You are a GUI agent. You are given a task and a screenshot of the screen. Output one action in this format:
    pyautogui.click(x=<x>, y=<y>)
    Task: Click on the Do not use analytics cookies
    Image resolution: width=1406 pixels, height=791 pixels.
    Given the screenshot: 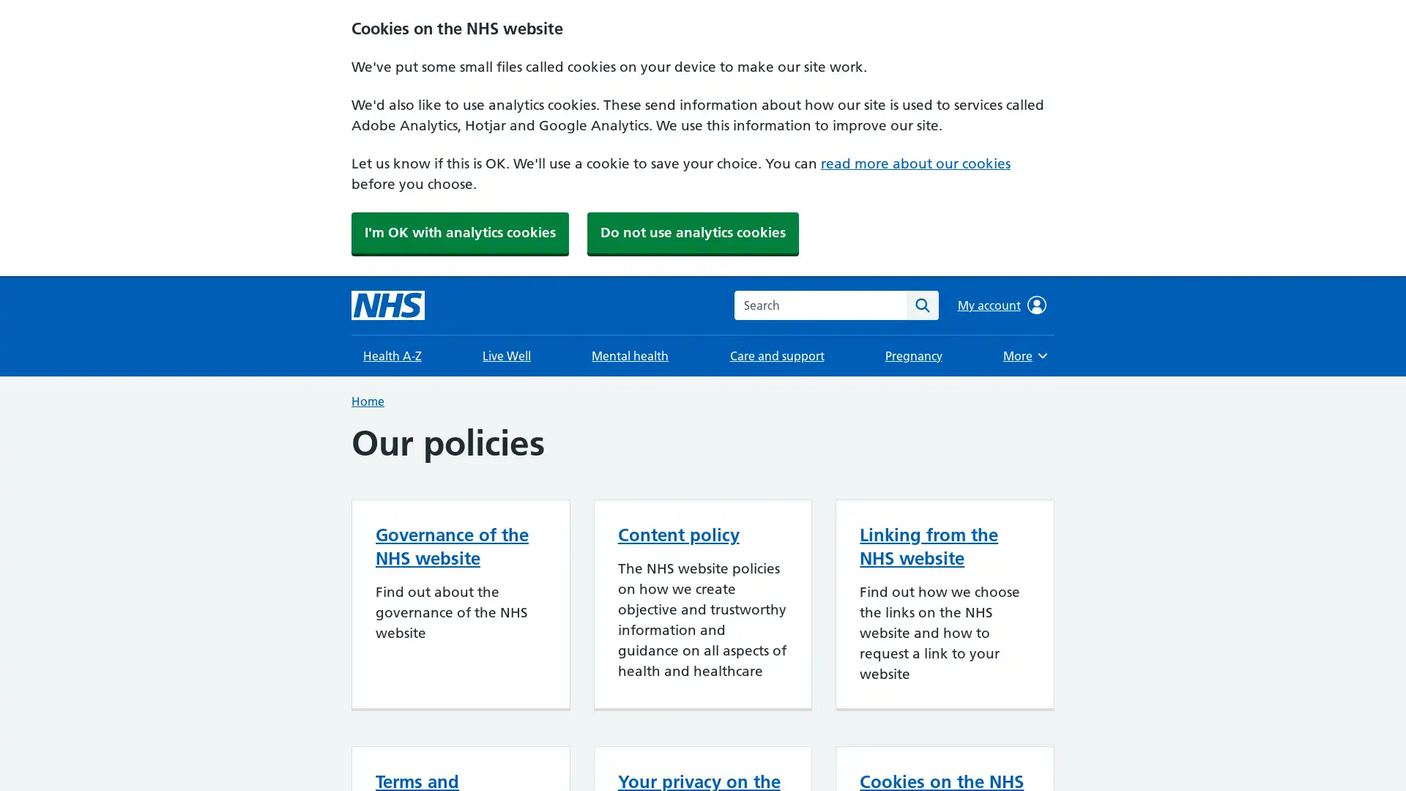 What is the action you would take?
    pyautogui.click(x=692, y=231)
    